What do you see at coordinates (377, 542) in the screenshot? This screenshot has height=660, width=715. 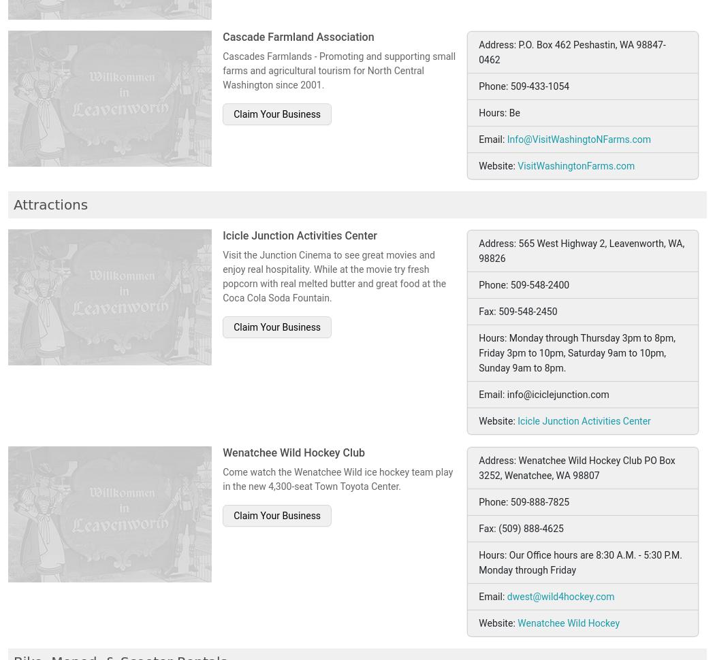 I see `'How to Book'` at bounding box center [377, 542].